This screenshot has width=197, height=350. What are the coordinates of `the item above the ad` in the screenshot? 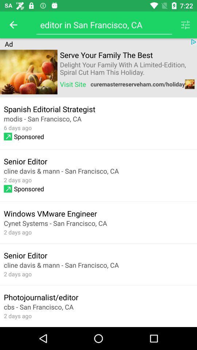 It's located at (13, 25).